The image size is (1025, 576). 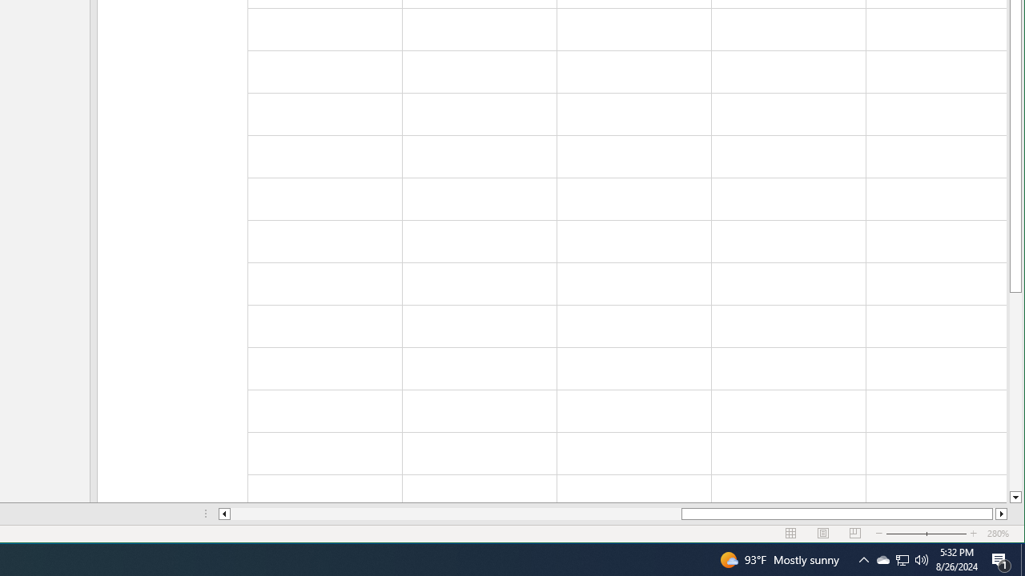 What do you see at coordinates (863, 558) in the screenshot?
I see `'Notification Chevron'` at bounding box center [863, 558].